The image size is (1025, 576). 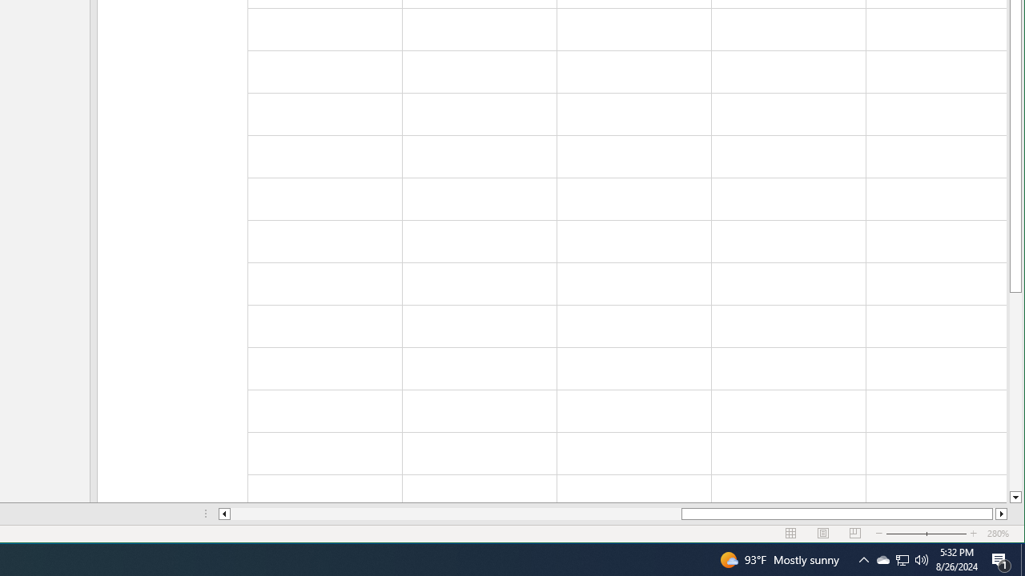 What do you see at coordinates (863, 558) in the screenshot?
I see `'Notification Chevron'` at bounding box center [863, 558].